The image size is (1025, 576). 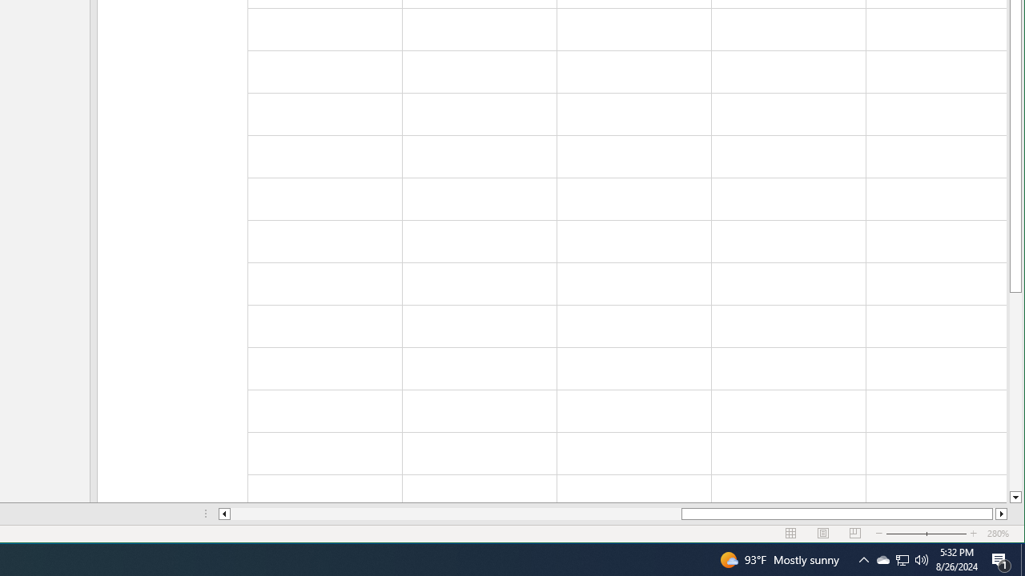 What do you see at coordinates (863, 558) in the screenshot?
I see `'Notification Chevron'` at bounding box center [863, 558].